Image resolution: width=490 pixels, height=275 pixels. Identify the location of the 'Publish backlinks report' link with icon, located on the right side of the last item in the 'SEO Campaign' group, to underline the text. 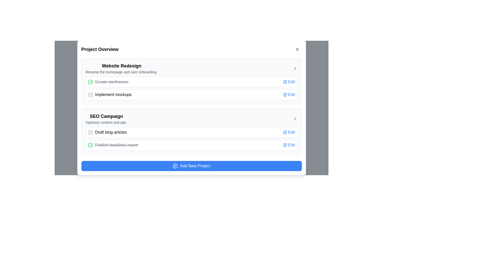
(289, 145).